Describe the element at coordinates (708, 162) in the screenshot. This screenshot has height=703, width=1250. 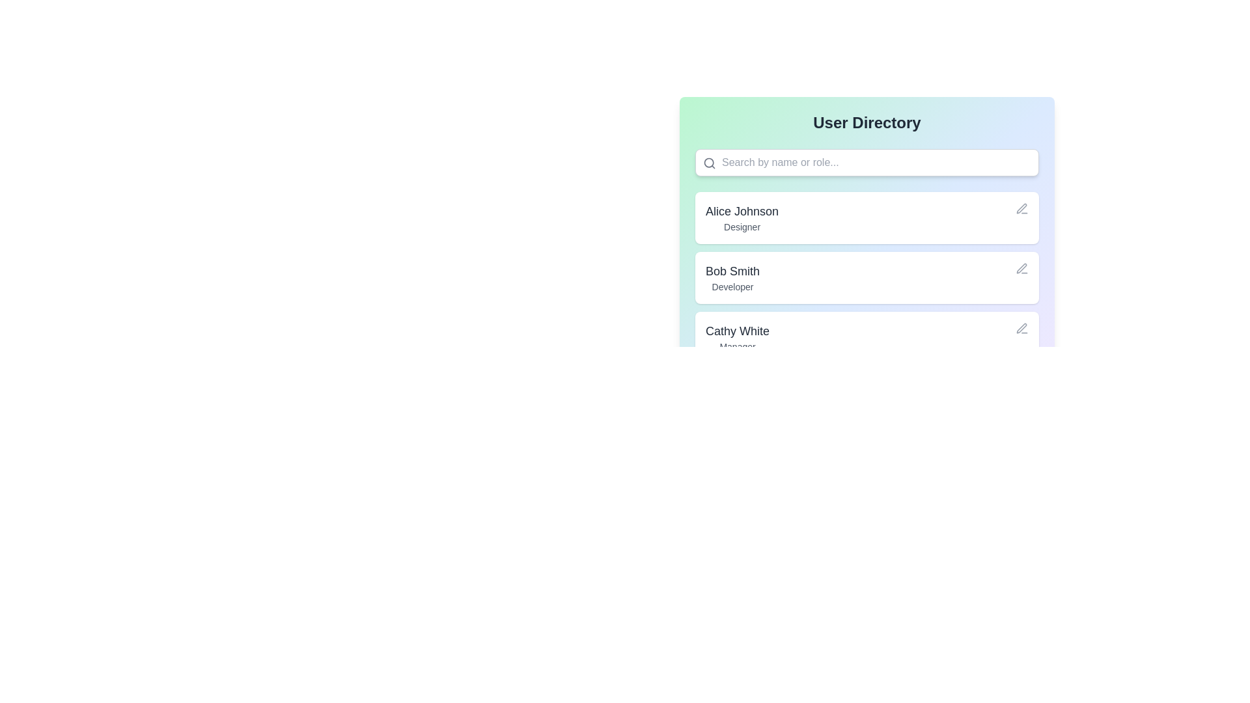
I see `the decorative SVG component of the magnifying glass icon located on the left side of the search bar in the User Directory header area` at that location.